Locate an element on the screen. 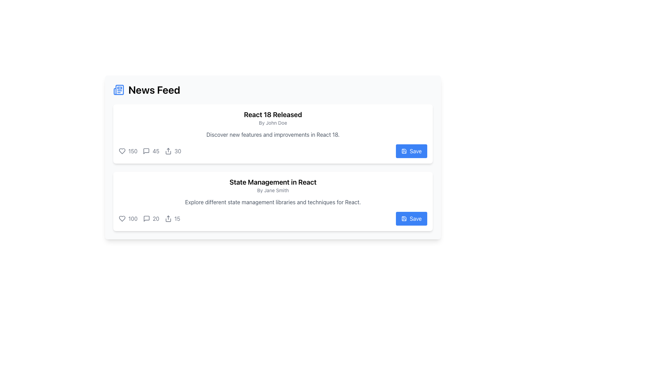  headline text located at the top of the News Feed section, centered above the smaller text 'By Jane Smith' is located at coordinates (272, 182).